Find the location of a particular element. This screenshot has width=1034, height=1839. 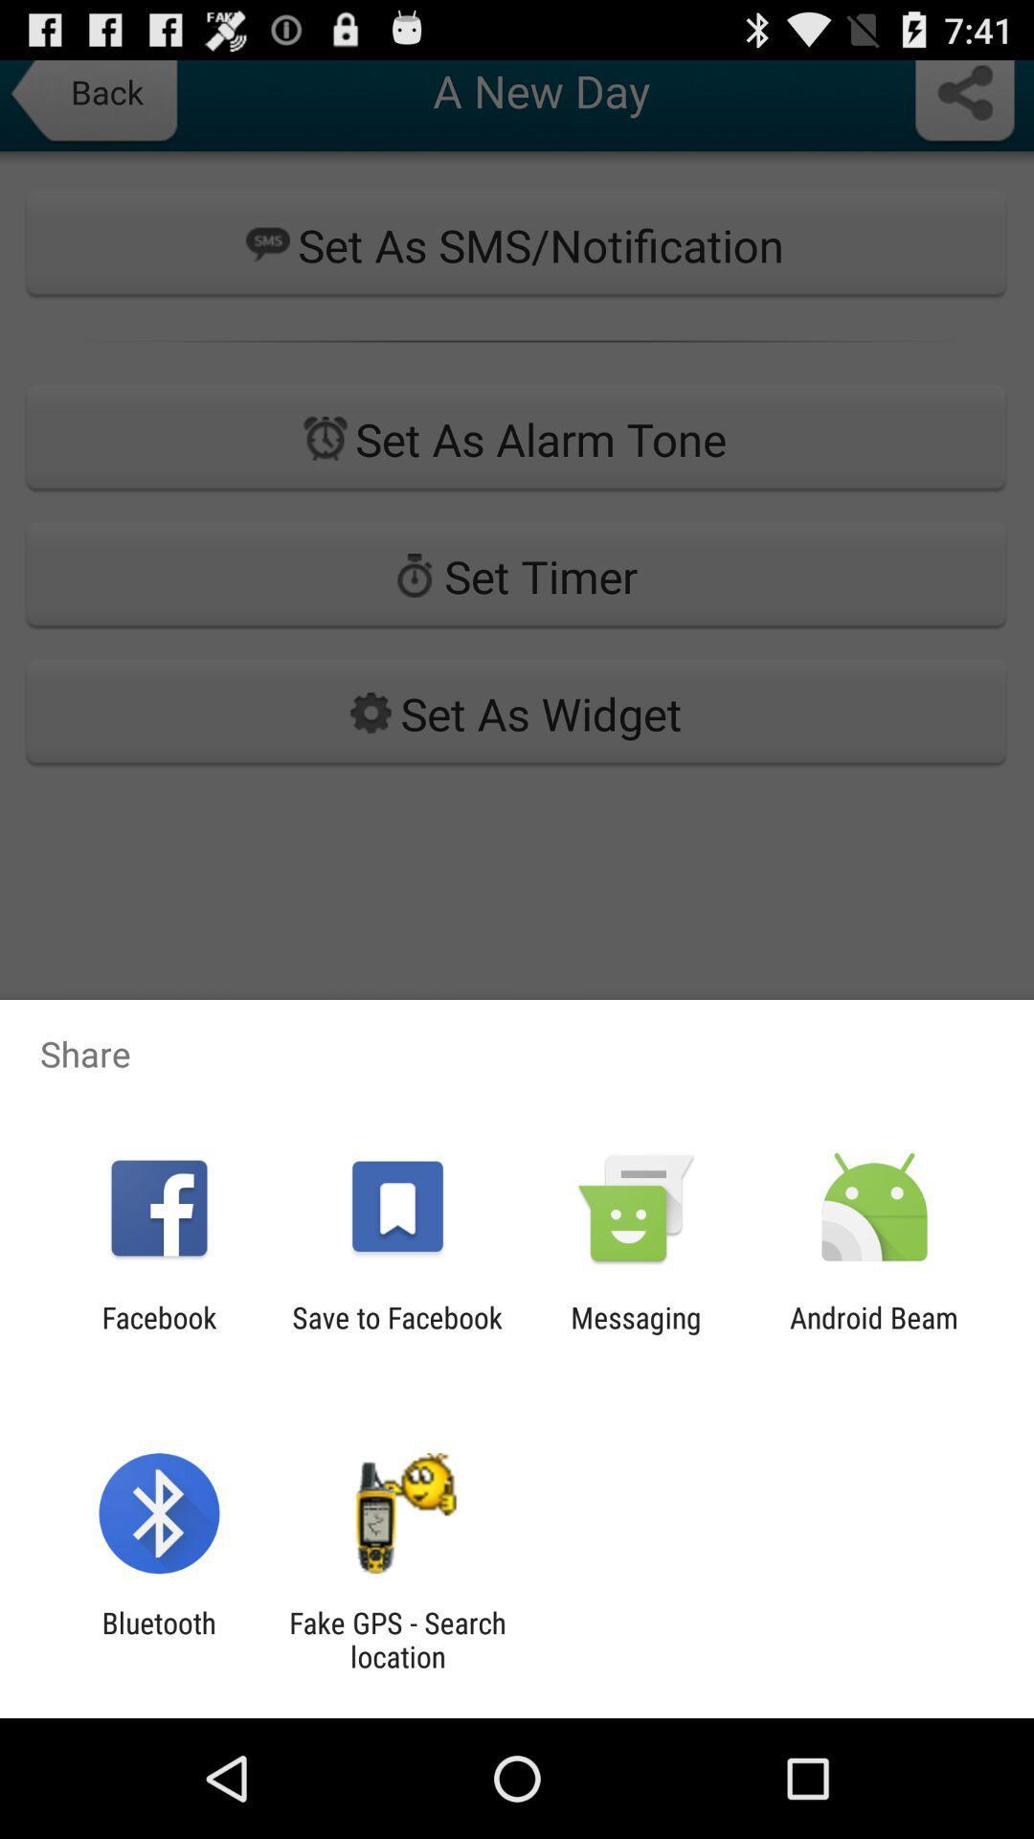

the app to the right of the messaging item is located at coordinates (874, 1333).